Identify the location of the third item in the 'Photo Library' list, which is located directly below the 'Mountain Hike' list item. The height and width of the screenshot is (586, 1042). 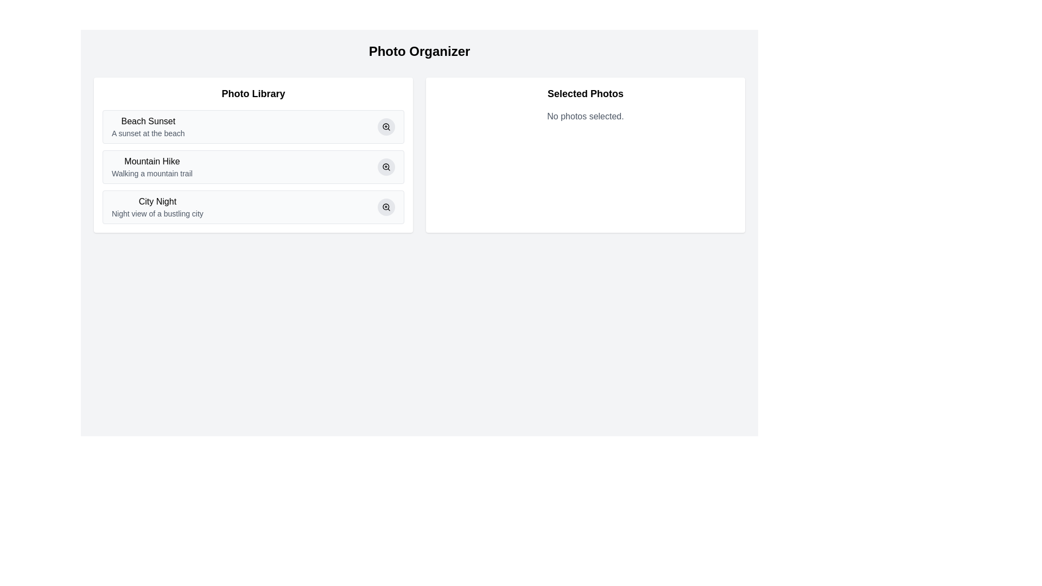
(252, 207).